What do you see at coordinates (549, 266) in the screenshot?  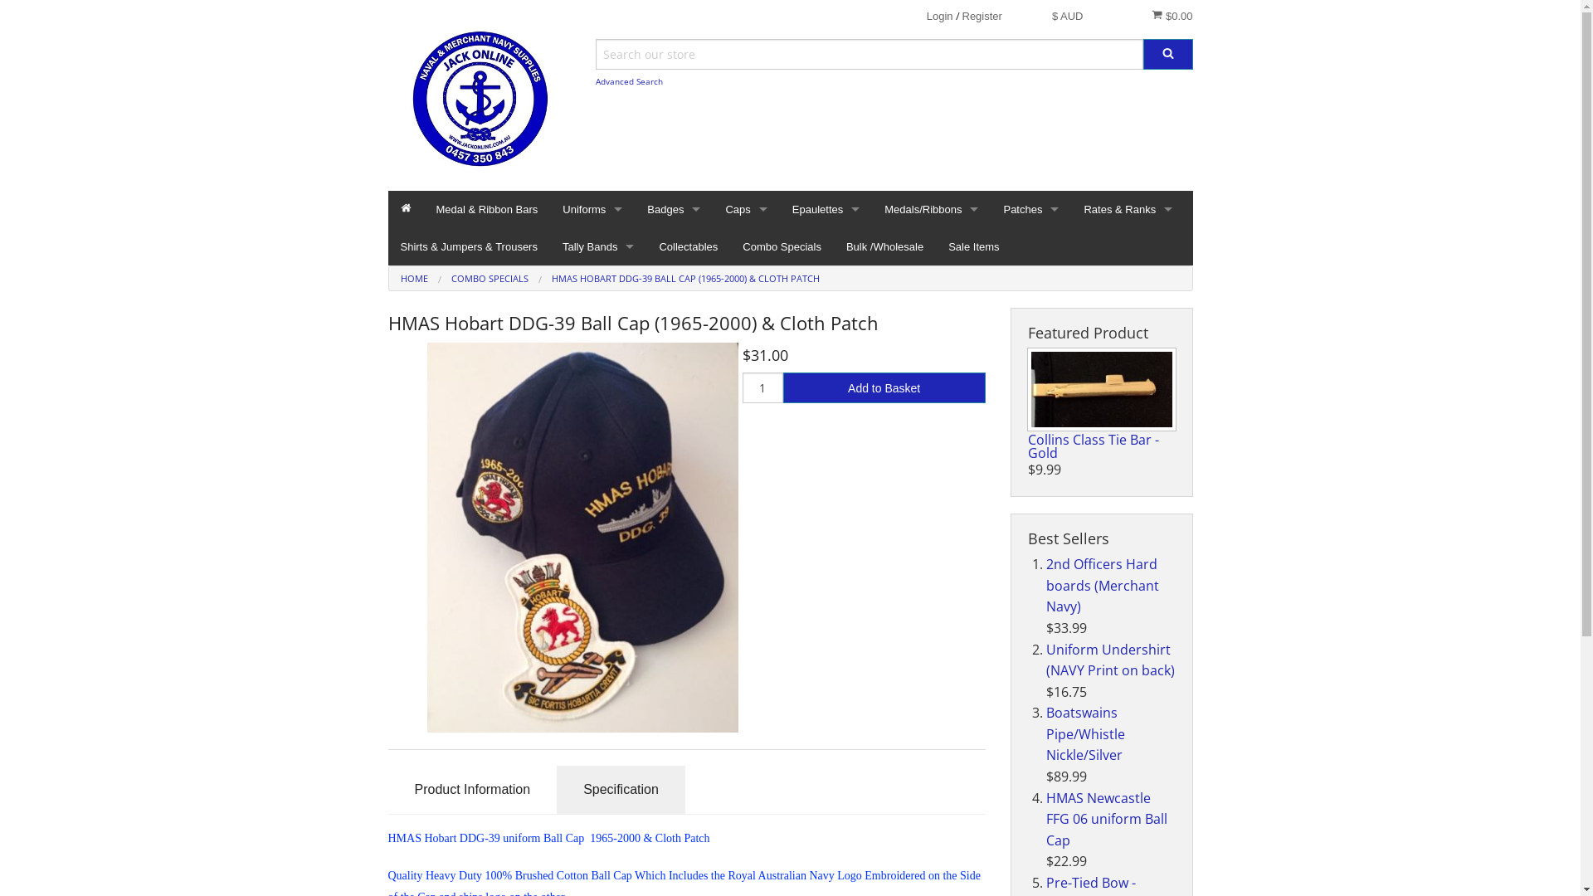 I see `'Socks'` at bounding box center [549, 266].